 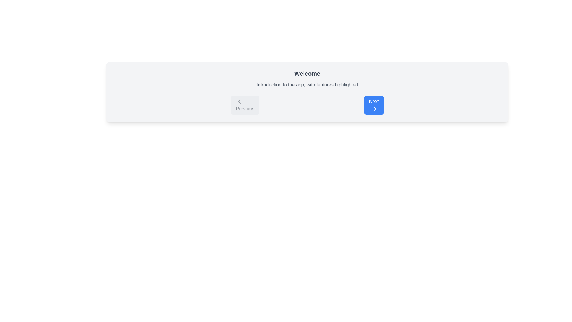 I want to click on the leftward arrowhead icon, which is styled with a sharp design and located to the left of the 'Previous' button, so click(x=239, y=101).